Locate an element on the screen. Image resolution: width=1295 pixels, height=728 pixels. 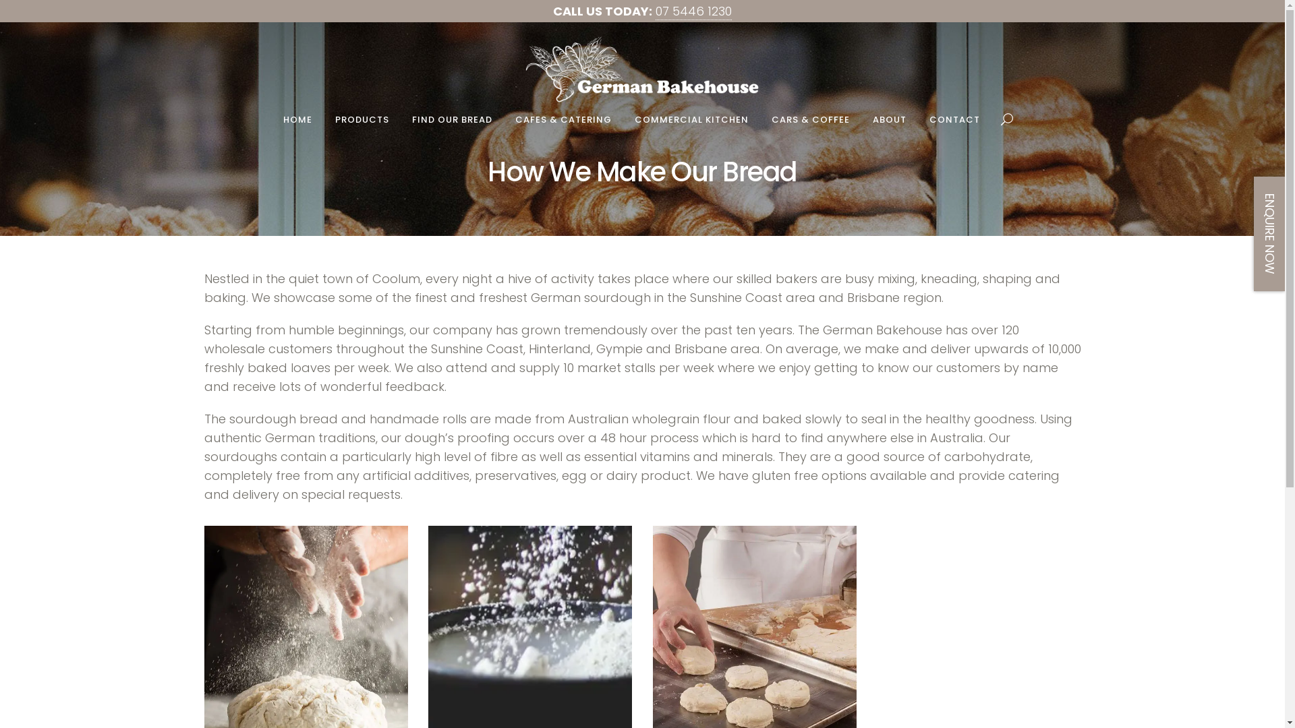
'ABOUT' is located at coordinates (889, 119).